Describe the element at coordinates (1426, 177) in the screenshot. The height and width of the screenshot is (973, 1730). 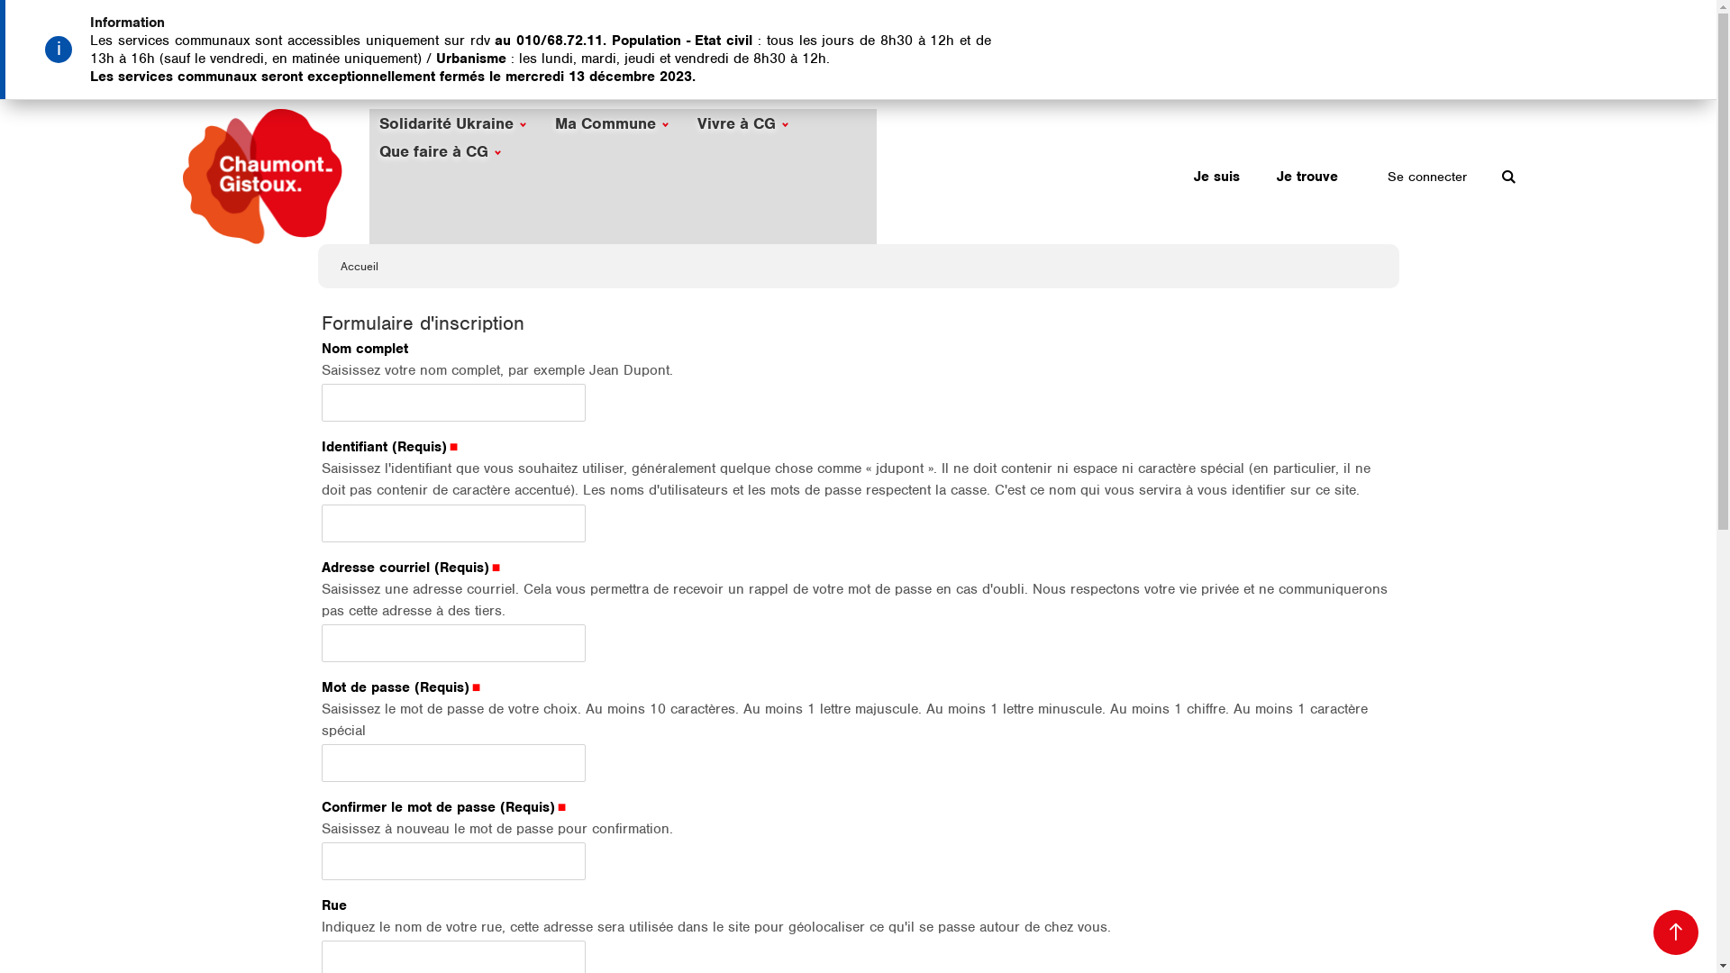
I see `'Se connecter'` at that location.